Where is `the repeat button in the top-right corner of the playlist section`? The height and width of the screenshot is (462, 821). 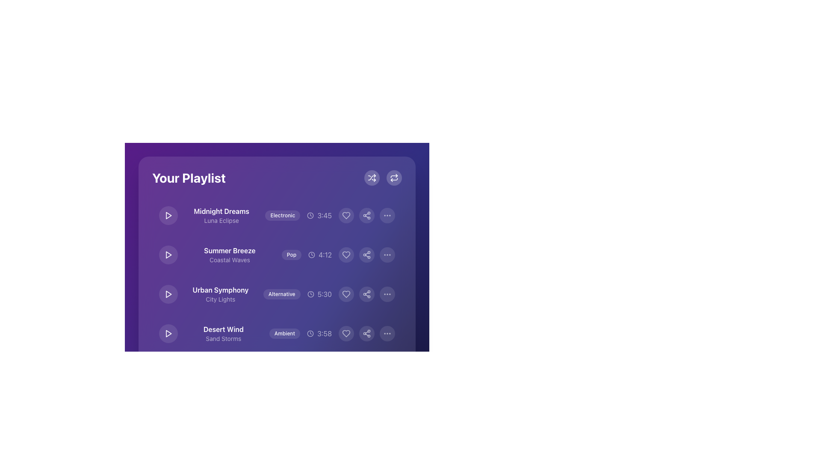 the repeat button in the top-right corner of the playlist section is located at coordinates (383, 178).